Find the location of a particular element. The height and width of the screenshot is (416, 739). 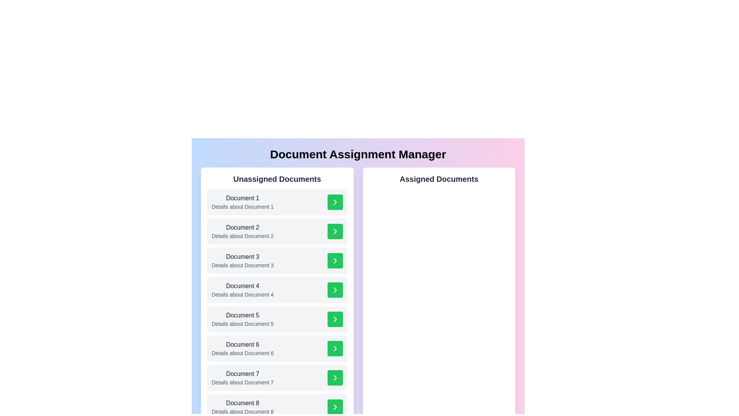

the button located to the right of the row labeled 'Document 4' in the 'Unassigned Documents' list is located at coordinates (335, 290).